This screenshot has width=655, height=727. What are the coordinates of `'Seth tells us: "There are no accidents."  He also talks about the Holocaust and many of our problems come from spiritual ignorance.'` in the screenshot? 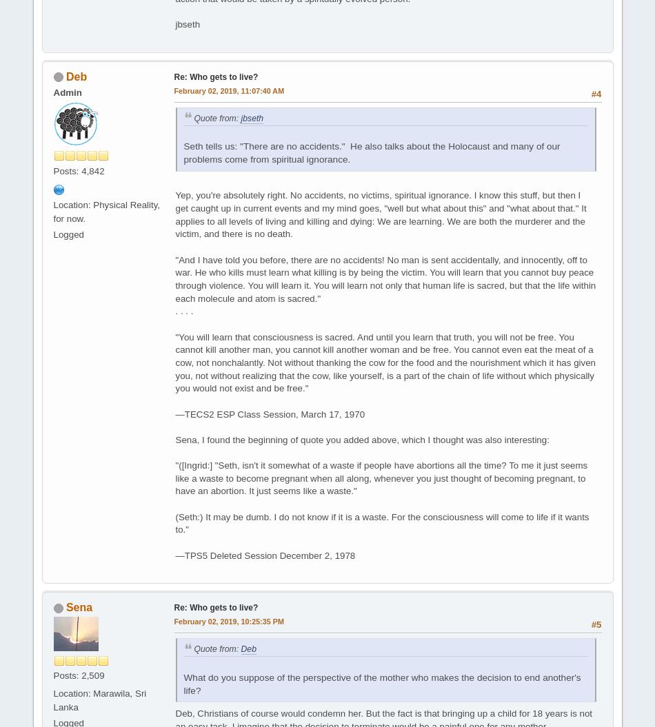 It's located at (372, 152).